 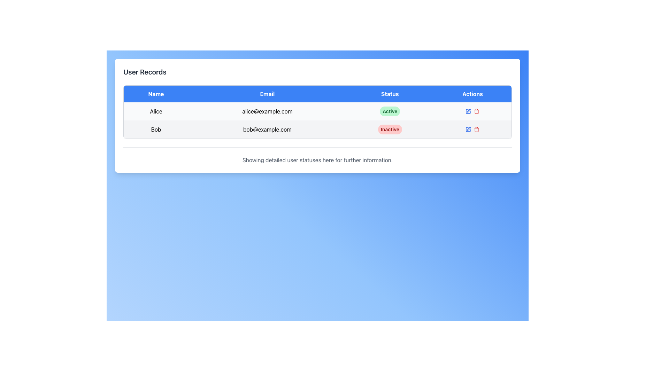 What do you see at coordinates (390, 111) in the screenshot?
I see `status represented by the 'Active' badge with green text on a light green background in the Status column of the user table` at bounding box center [390, 111].